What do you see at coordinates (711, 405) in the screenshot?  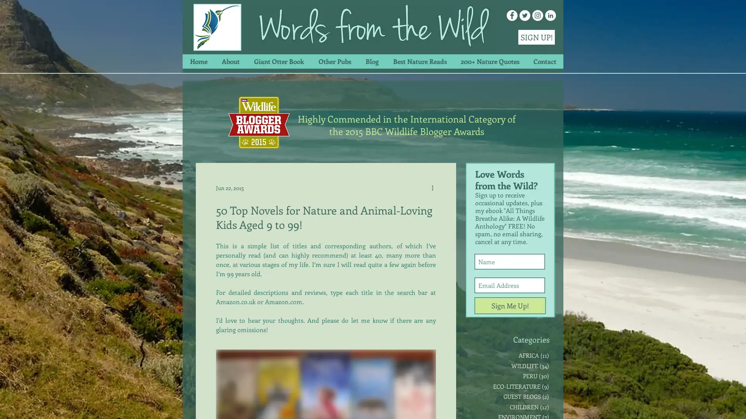 I see `Accept` at bounding box center [711, 405].